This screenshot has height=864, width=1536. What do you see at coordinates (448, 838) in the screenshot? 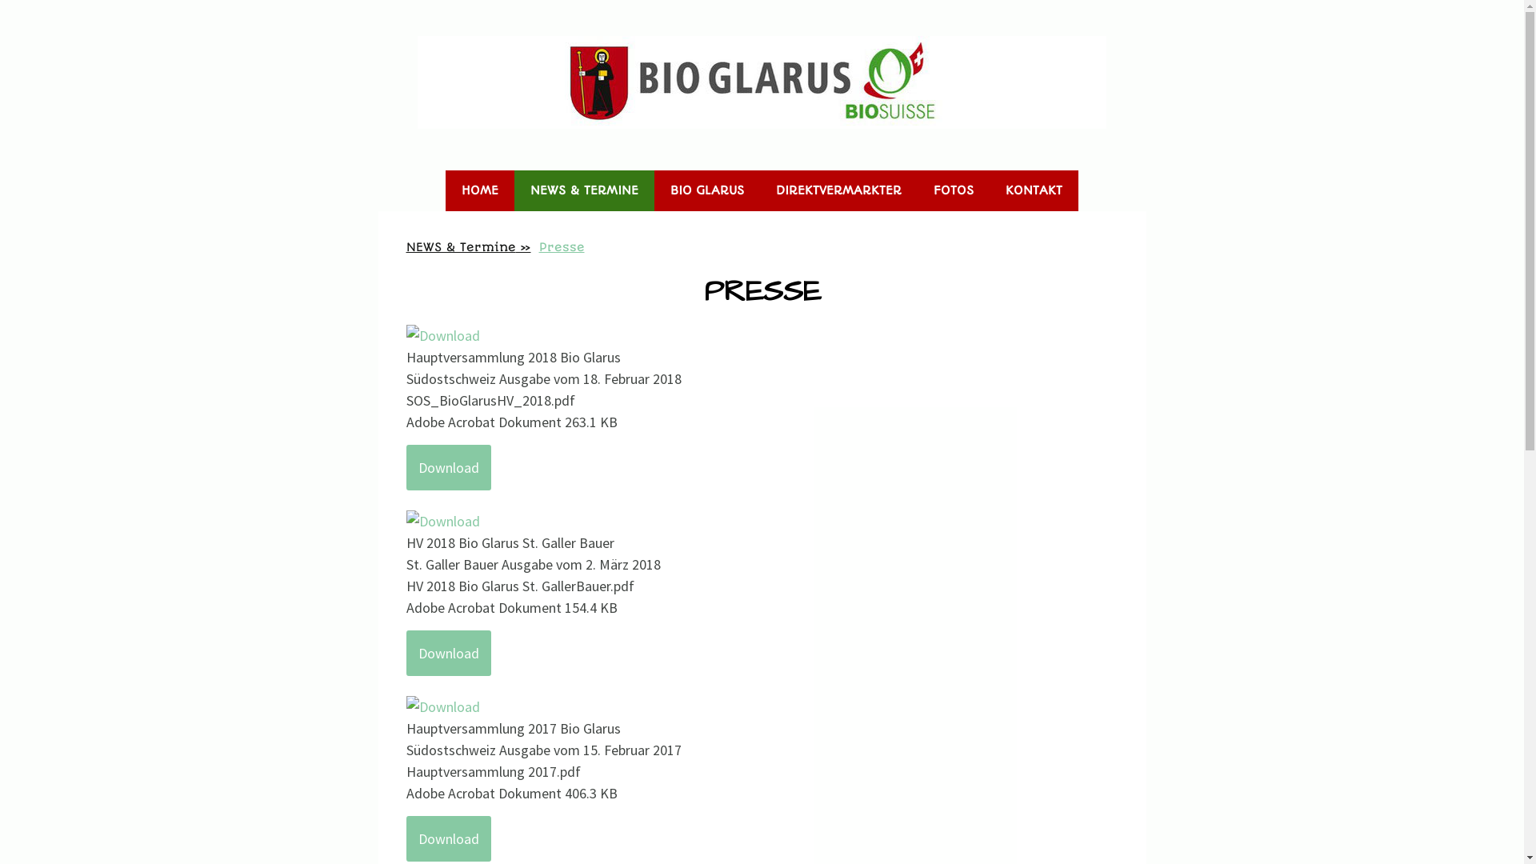
I see `'Download'` at bounding box center [448, 838].